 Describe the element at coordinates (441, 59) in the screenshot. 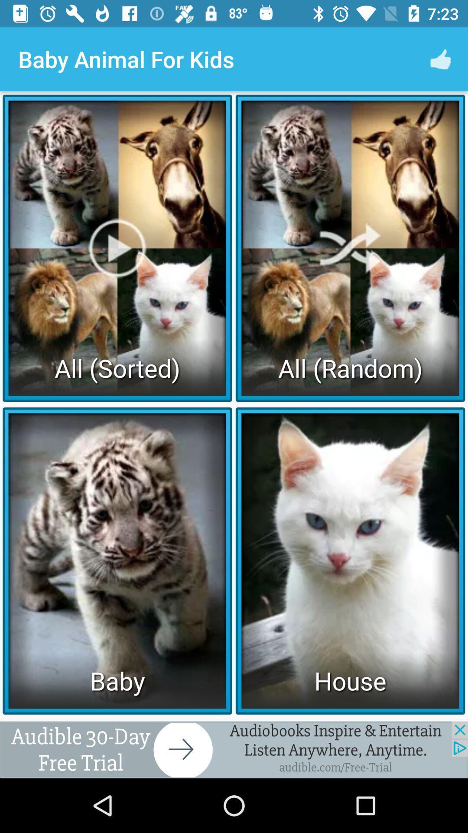

I see `thumbs up symbol` at that location.